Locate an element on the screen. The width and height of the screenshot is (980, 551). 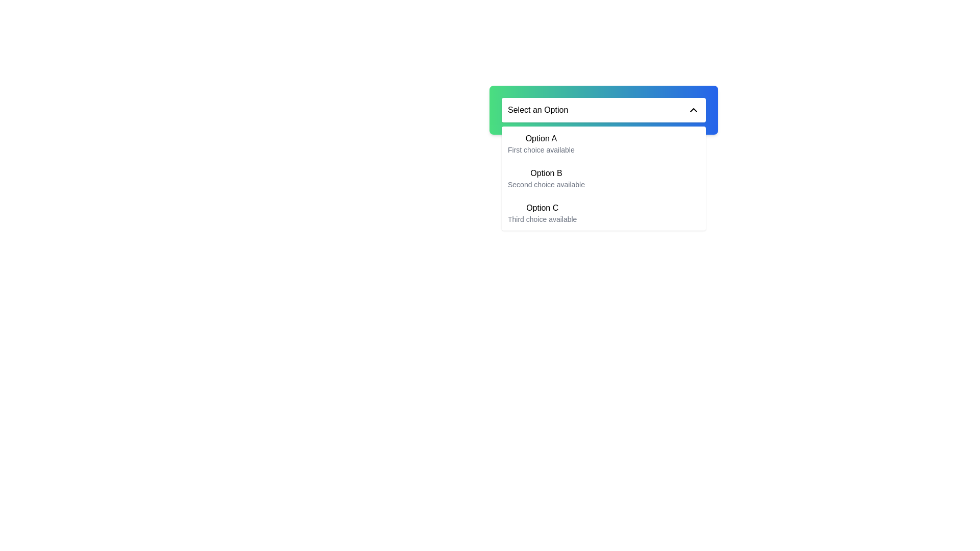
the second item in the dropdown menu is located at coordinates (603, 178).